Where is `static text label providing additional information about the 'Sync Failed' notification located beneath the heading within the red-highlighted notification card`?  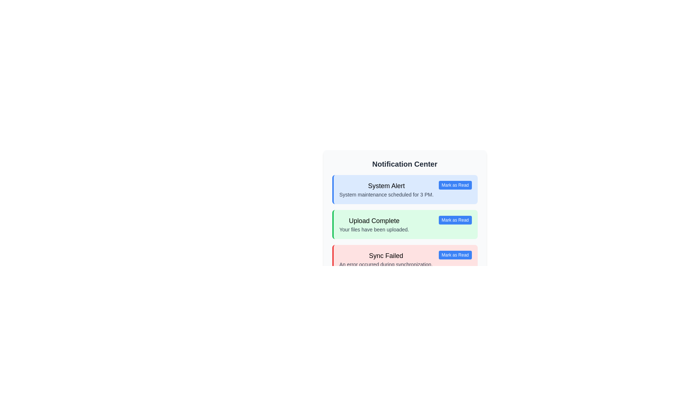 static text label providing additional information about the 'Sync Failed' notification located beneath the heading within the red-highlighted notification card is located at coordinates (385, 264).